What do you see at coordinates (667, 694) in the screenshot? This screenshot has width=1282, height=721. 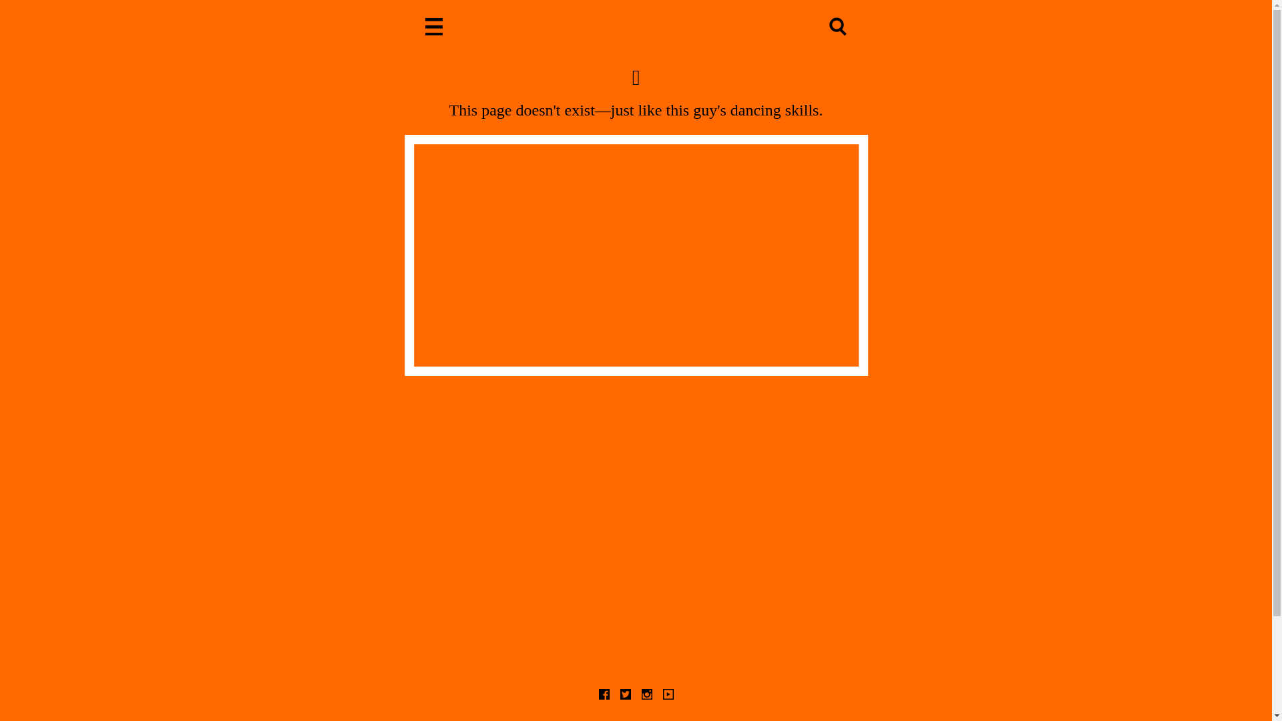 I see `'social-logos-youtube1'` at bounding box center [667, 694].